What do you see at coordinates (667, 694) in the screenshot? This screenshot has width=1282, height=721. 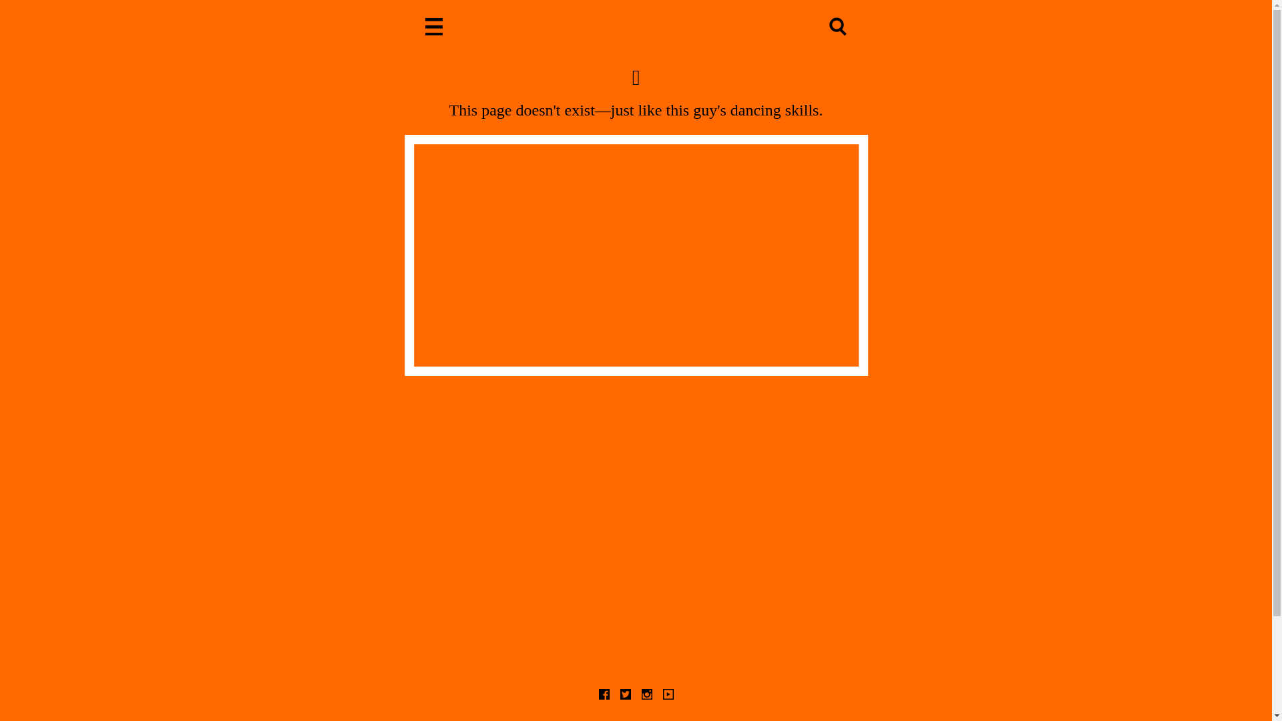 I see `'social-logos-youtube1'` at bounding box center [667, 694].